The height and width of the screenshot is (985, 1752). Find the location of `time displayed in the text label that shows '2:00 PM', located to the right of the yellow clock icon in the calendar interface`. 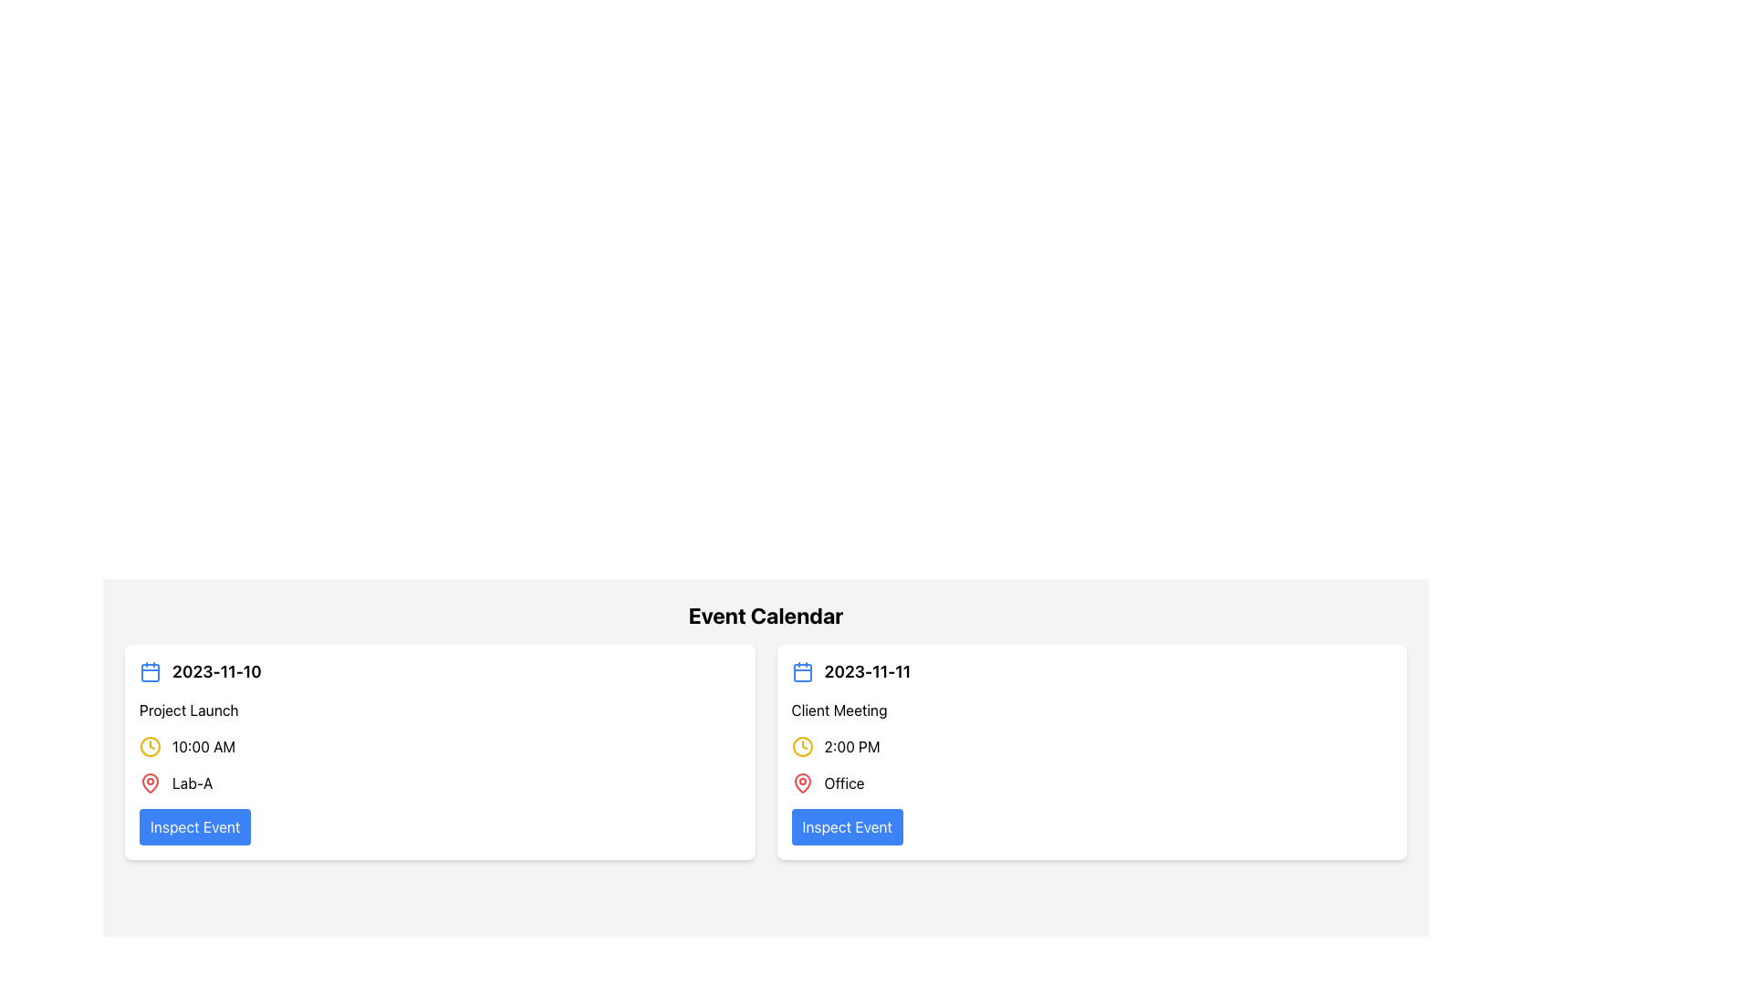

time displayed in the text label that shows '2:00 PM', located to the right of the yellow clock icon in the calendar interface is located at coordinates (851, 746).